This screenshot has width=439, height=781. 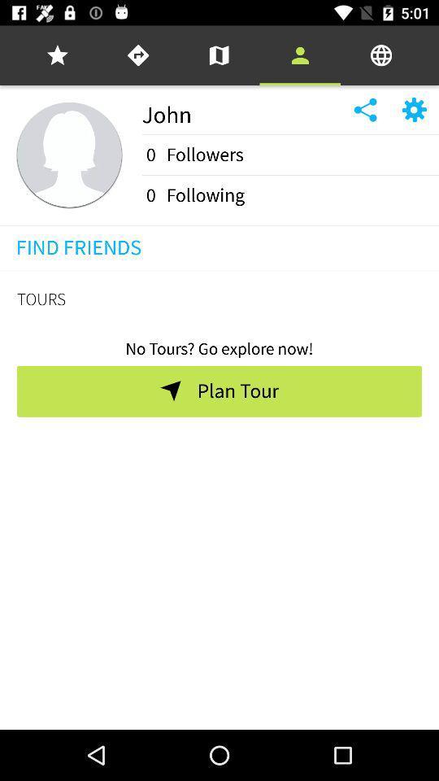 What do you see at coordinates (219, 55) in the screenshot?
I see `the icon above the john item` at bounding box center [219, 55].